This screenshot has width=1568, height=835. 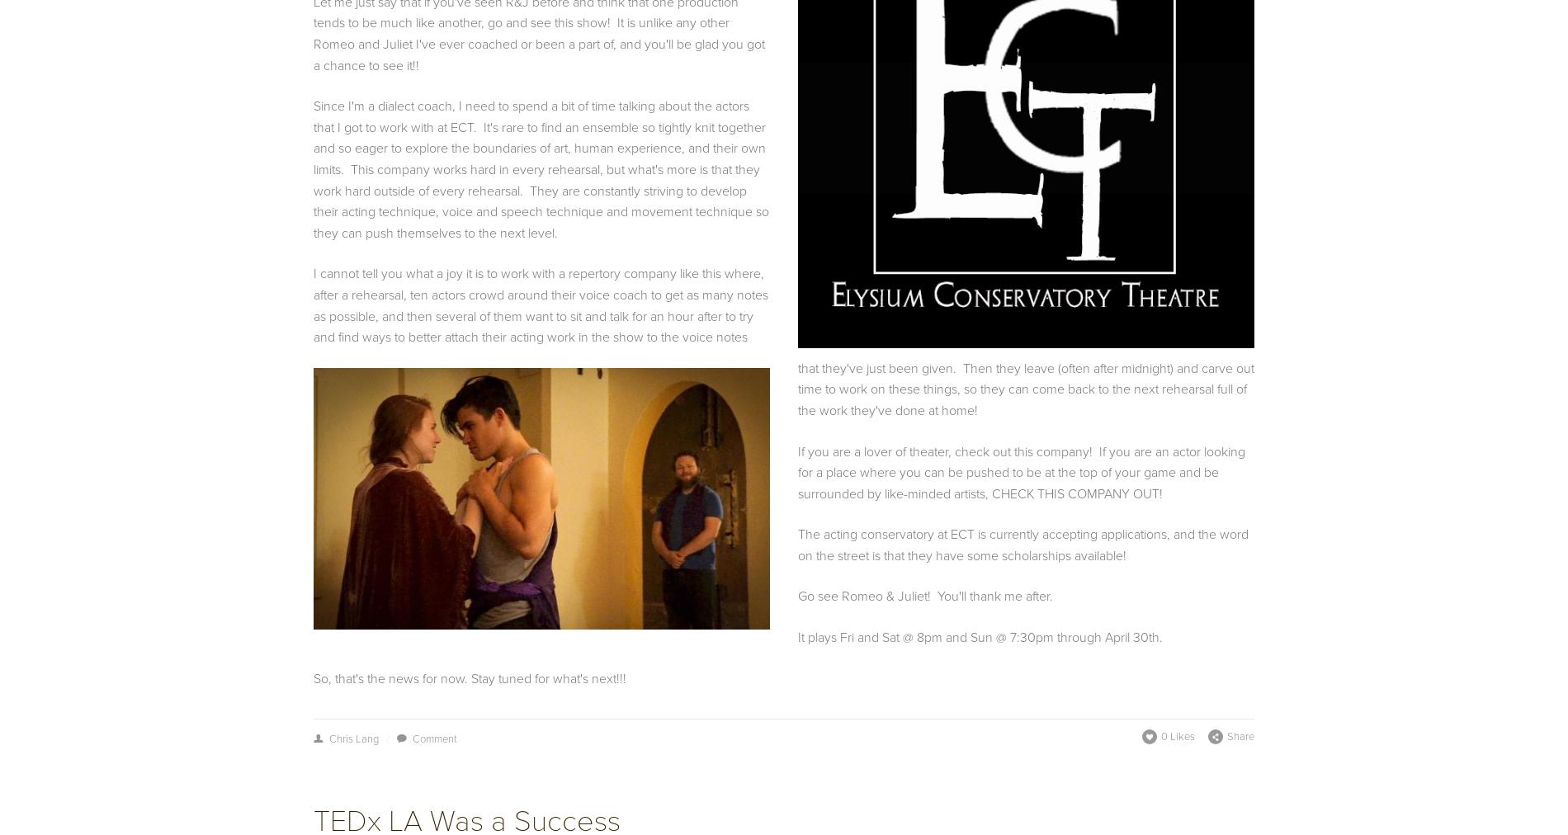 What do you see at coordinates (1178, 736) in the screenshot?
I see `'0 Likes'` at bounding box center [1178, 736].